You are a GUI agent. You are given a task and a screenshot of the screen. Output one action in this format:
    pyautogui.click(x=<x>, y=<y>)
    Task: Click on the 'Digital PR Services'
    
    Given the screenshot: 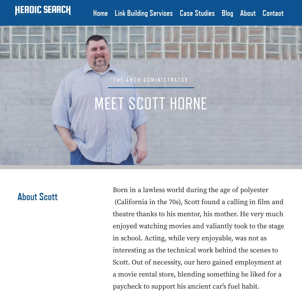 What is the action you would take?
    pyautogui.click(x=141, y=104)
    